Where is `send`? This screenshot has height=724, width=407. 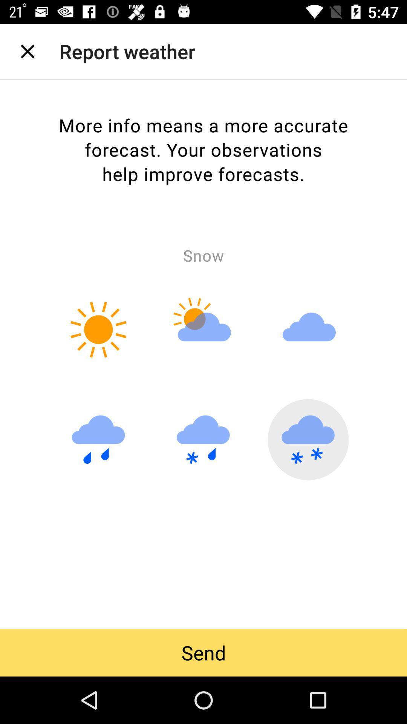
send is located at coordinates (203, 652).